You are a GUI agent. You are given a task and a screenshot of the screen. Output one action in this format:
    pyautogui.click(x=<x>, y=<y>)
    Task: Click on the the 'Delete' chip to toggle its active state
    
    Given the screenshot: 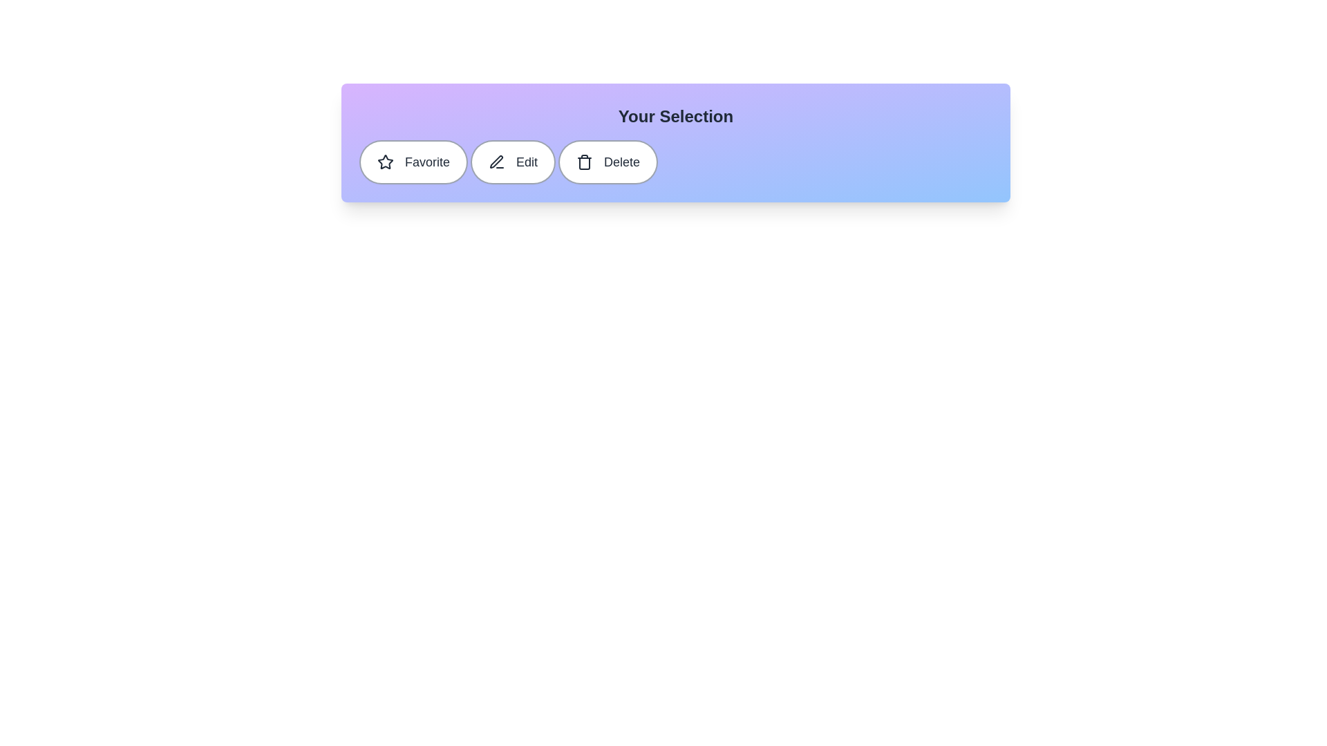 What is the action you would take?
    pyautogui.click(x=608, y=162)
    